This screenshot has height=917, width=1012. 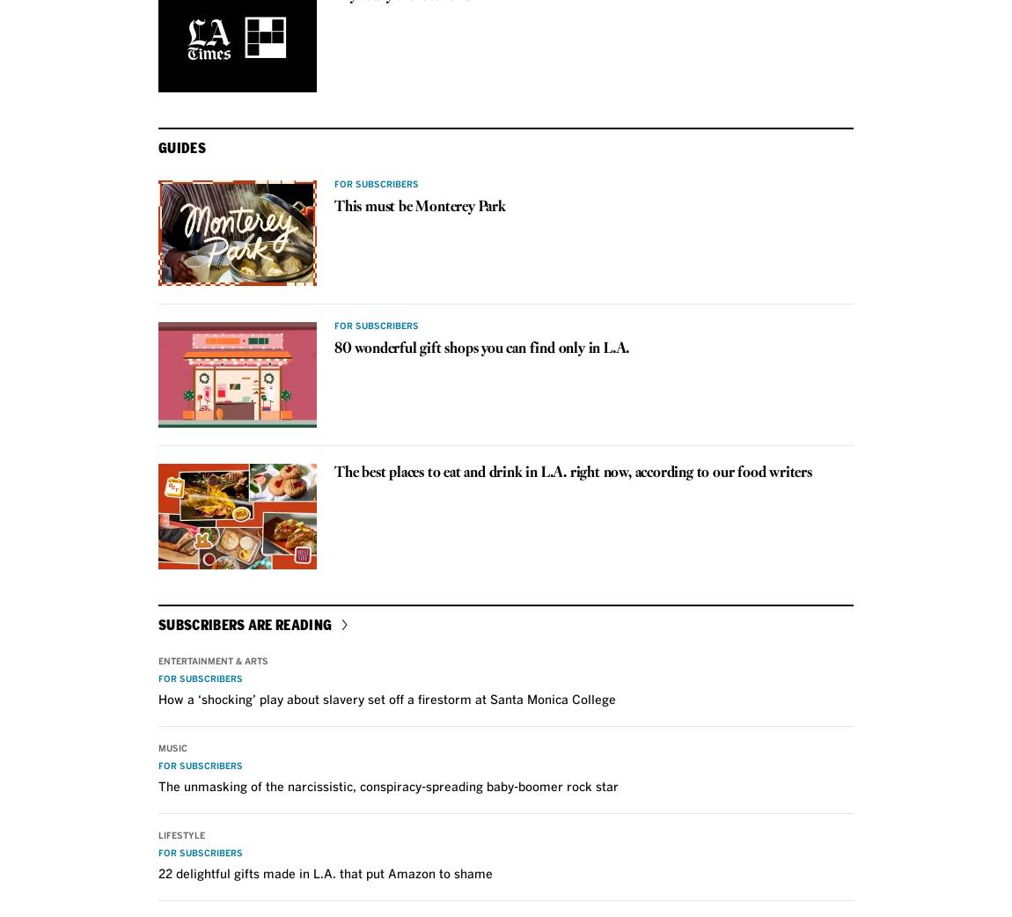 I want to click on 'Subscribers Are Reading', so click(x=244, y=622).